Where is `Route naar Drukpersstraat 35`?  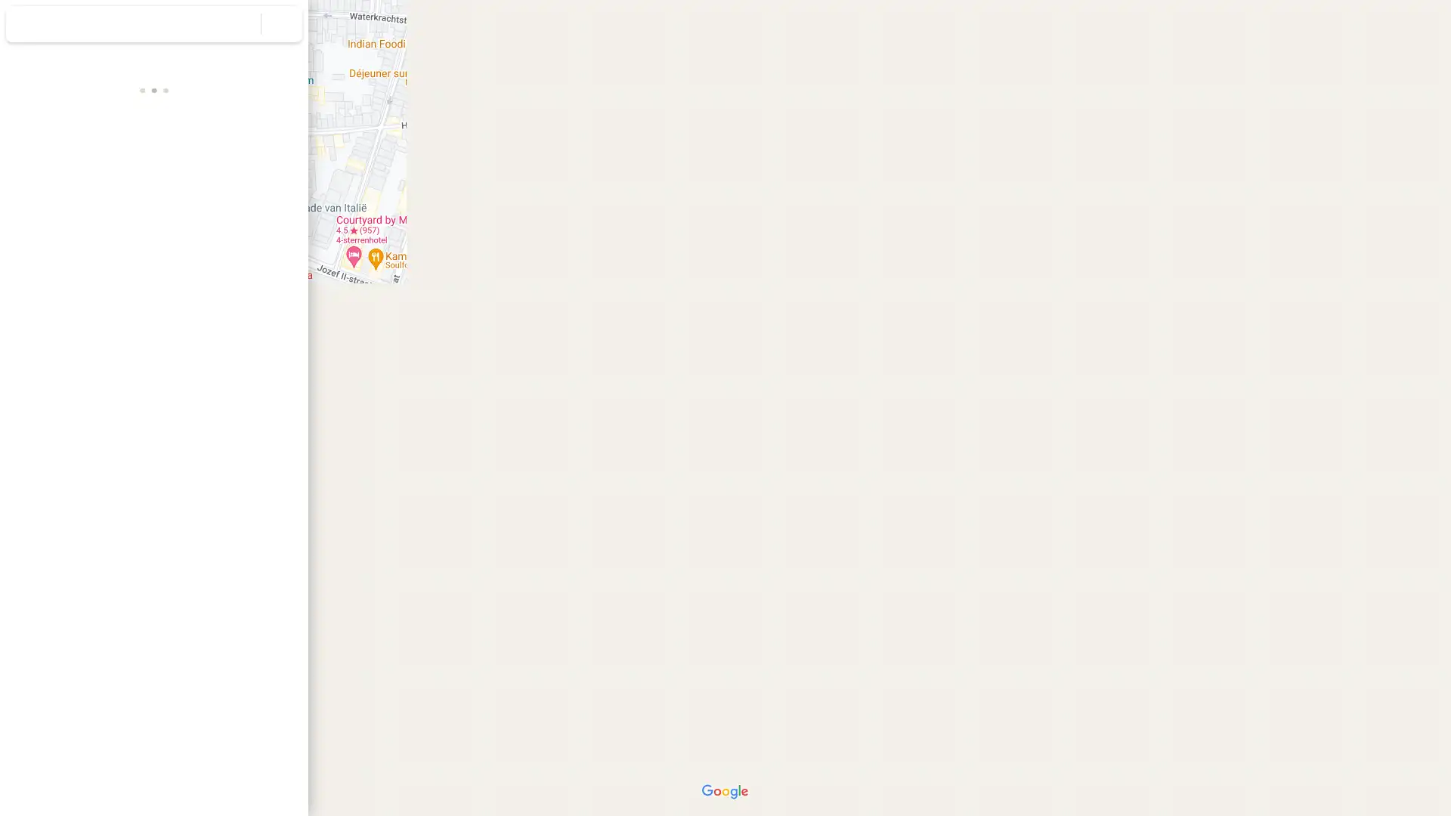 Route naar Drukpersstraat 35 is located at coordinates (43, 258).